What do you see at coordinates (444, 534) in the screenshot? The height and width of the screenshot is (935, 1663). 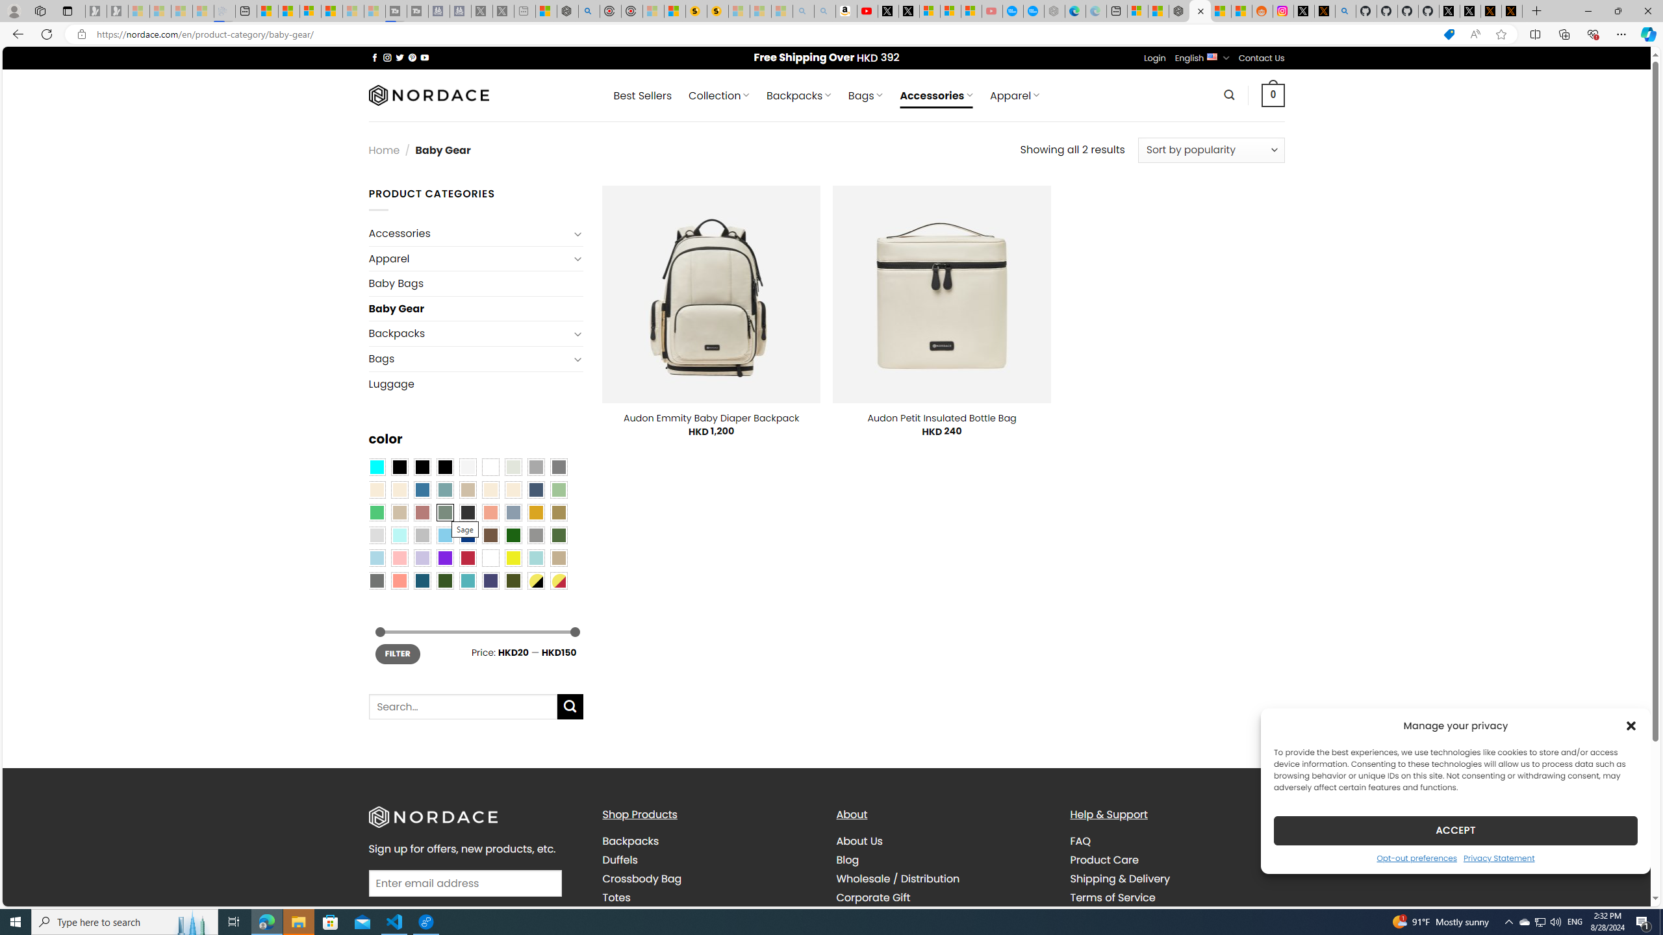 I see `'Sky Blue'` at bounding box center [444, 534].